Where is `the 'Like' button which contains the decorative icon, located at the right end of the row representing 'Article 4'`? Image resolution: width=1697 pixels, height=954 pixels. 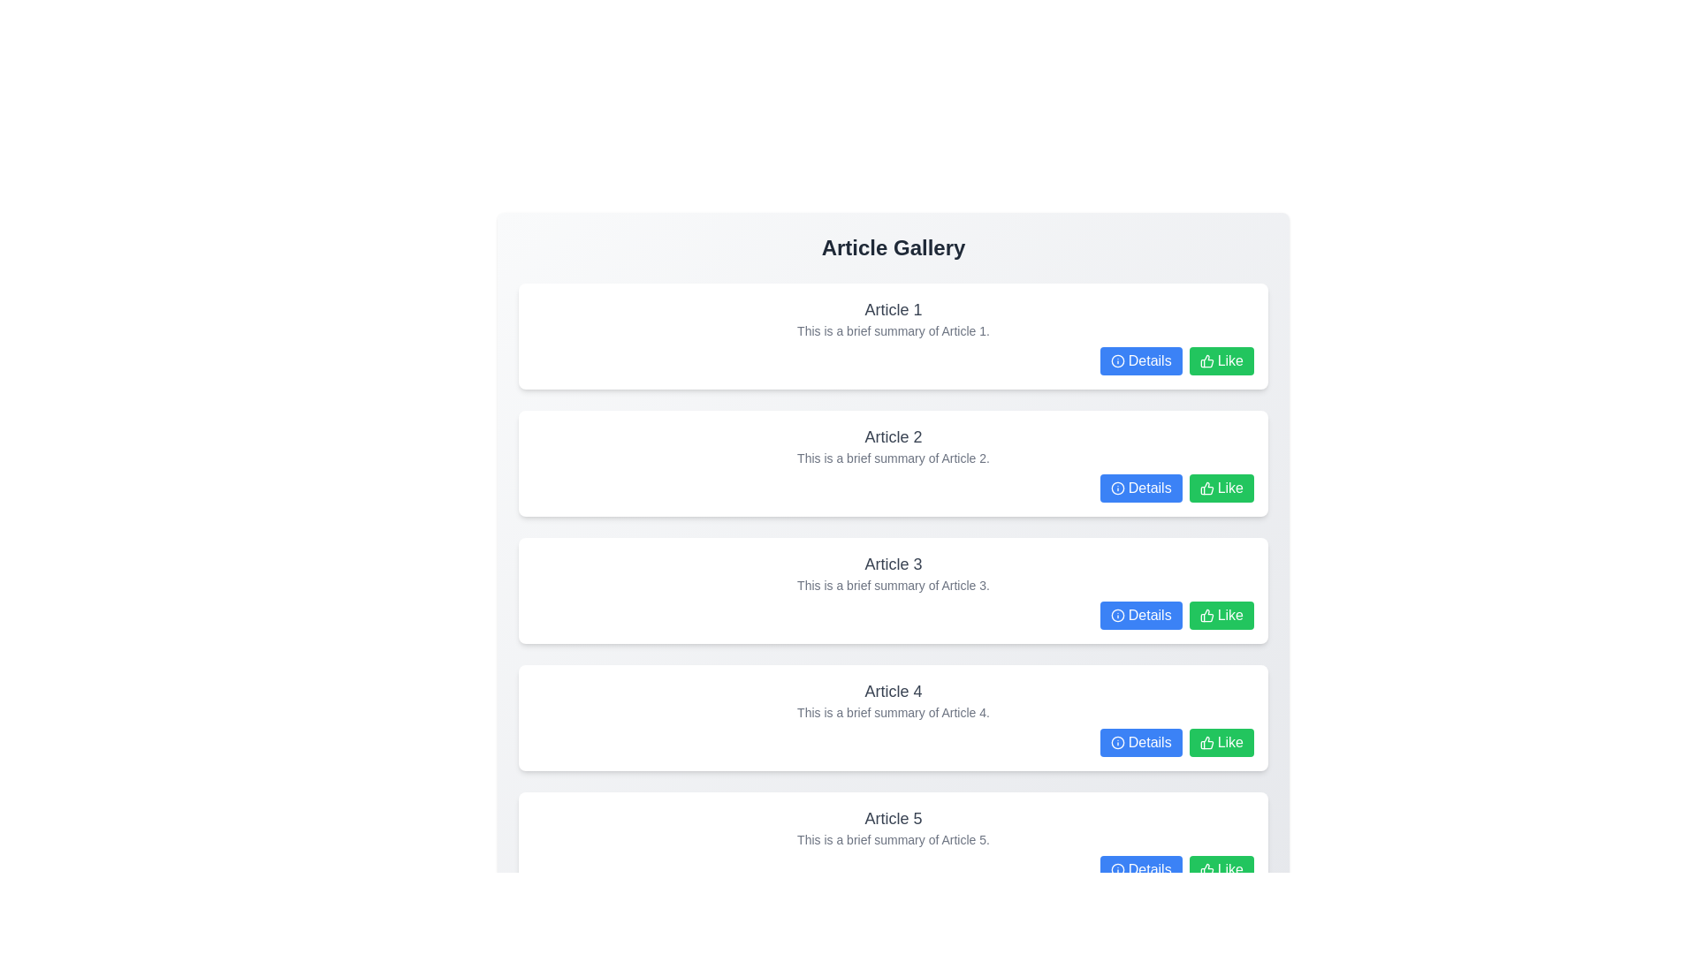 the 'Like' button which contains the decorative icon, located at the right end of the row representing 'Article 4' is located at coordinates (1206, 742).